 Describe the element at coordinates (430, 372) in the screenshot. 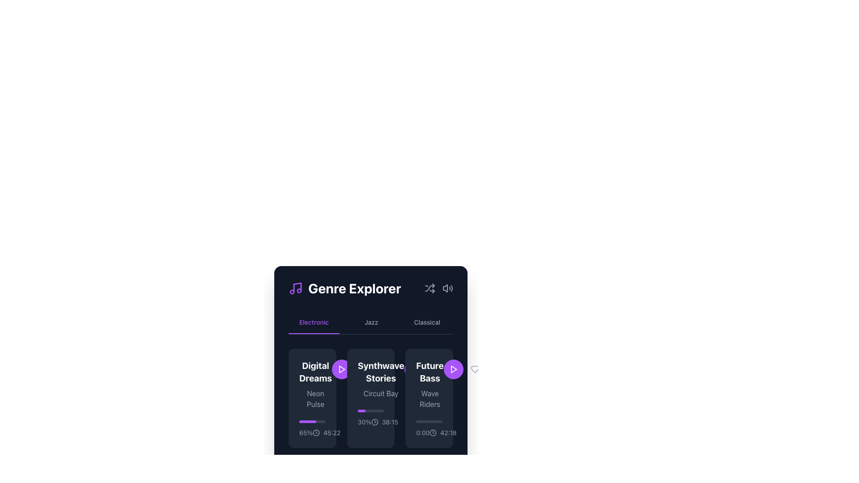

I see `text label displaying 'Future Bass' in bold, white font, located at the top of the rightmost box in the 'Electronic' section of the 'Genre Explorer' interface` at that location.